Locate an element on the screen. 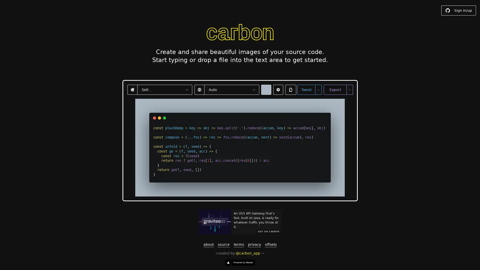 The image size is (480, 270). GitHub Sign in/up is located at coordinates (458, 10).